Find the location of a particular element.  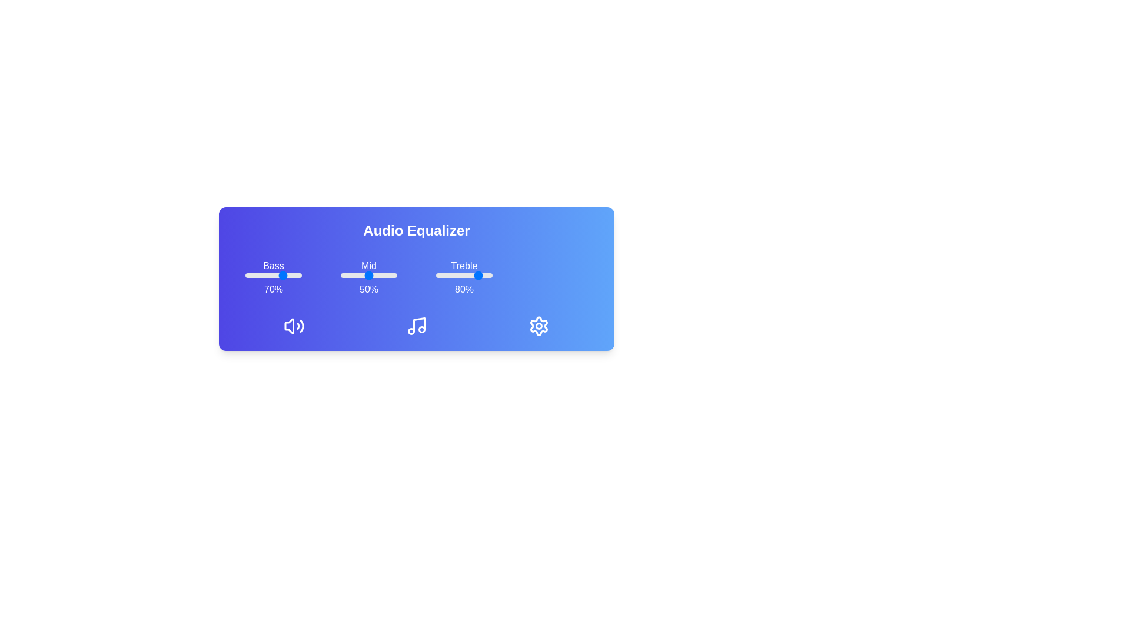

the mid slider to 32% is located at coordinates (358, 275).